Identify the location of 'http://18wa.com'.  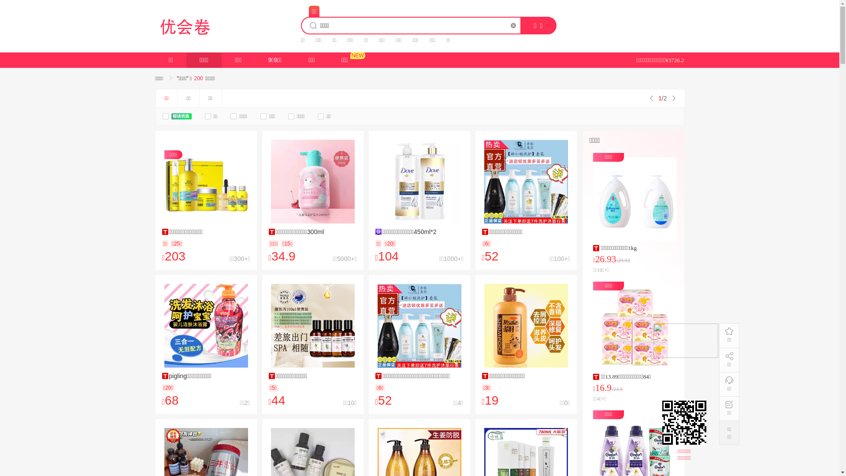
(685, 422).